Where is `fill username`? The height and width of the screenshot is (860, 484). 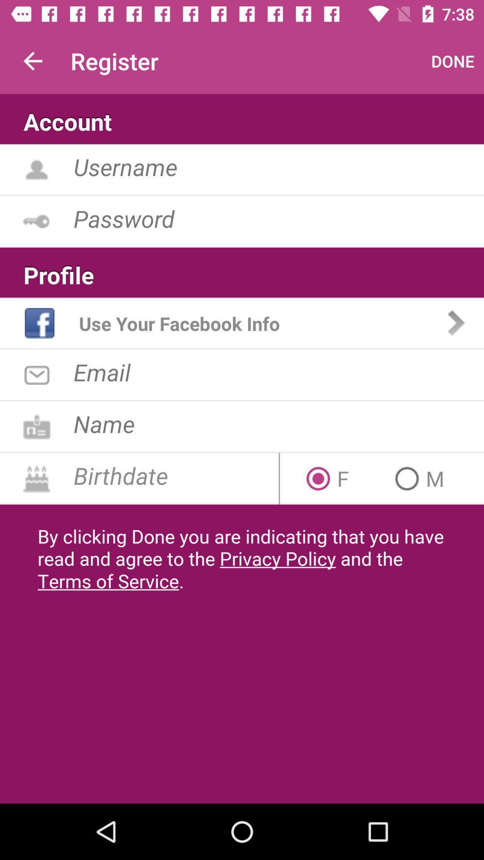 fill username is located at coordinates (278, 167).